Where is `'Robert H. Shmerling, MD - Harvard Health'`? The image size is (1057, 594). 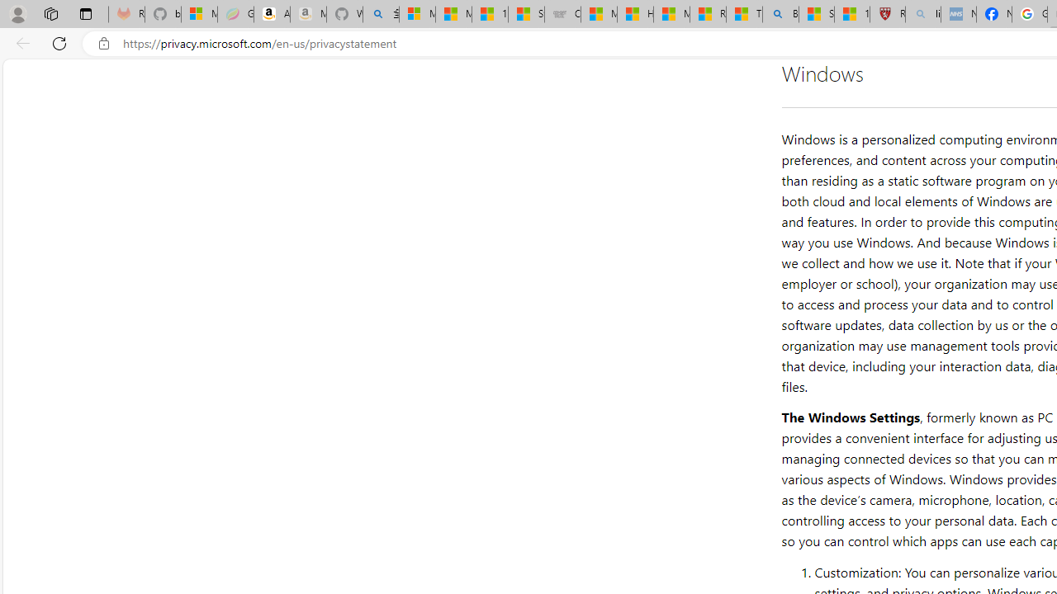
'Robert H. Shmerling, MD - Harvard Health' is located at coordinates (886, 14).